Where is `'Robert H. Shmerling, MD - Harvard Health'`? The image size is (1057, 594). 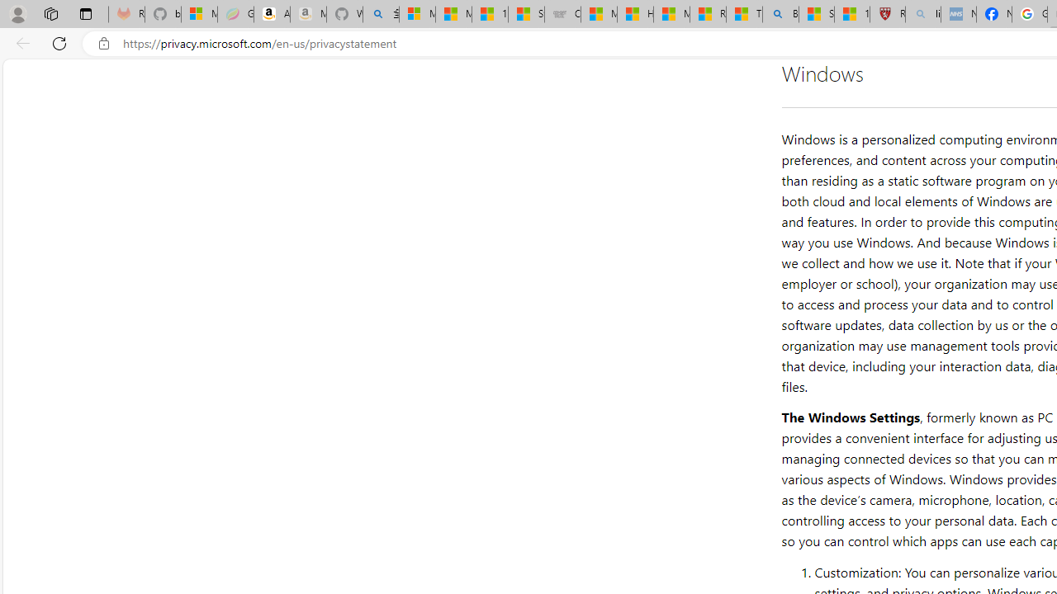
'Robert H. Shmerling, MD - Harvard Health' is located at coordinates (886, 14).